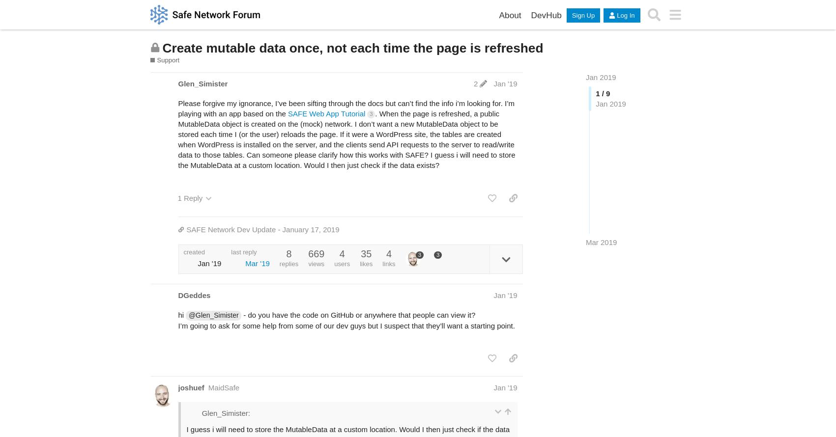 This screenshot has height=437, width=836. What do you see at coordinates (245, 263) in the screenshot?
I see `'Mar '19'` at bounding box center [245, 263].